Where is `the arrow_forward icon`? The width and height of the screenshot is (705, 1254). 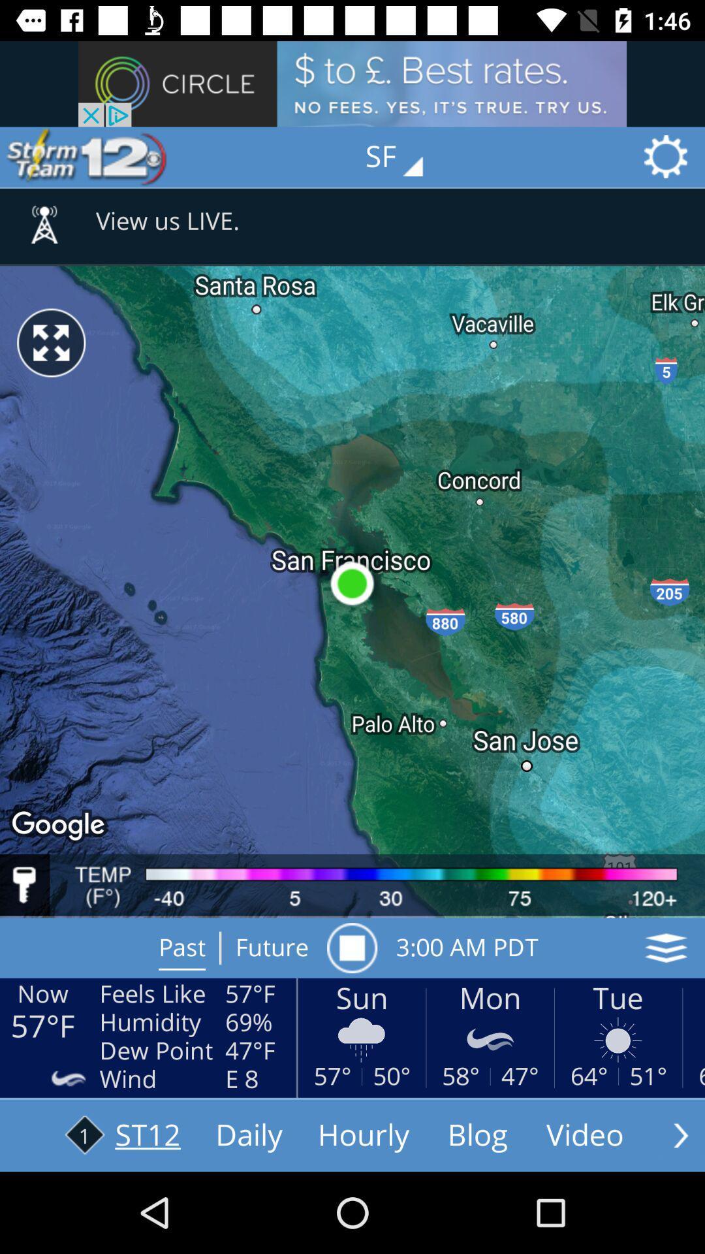 the arrow_forward icon is located at coordinates (680, 1134).